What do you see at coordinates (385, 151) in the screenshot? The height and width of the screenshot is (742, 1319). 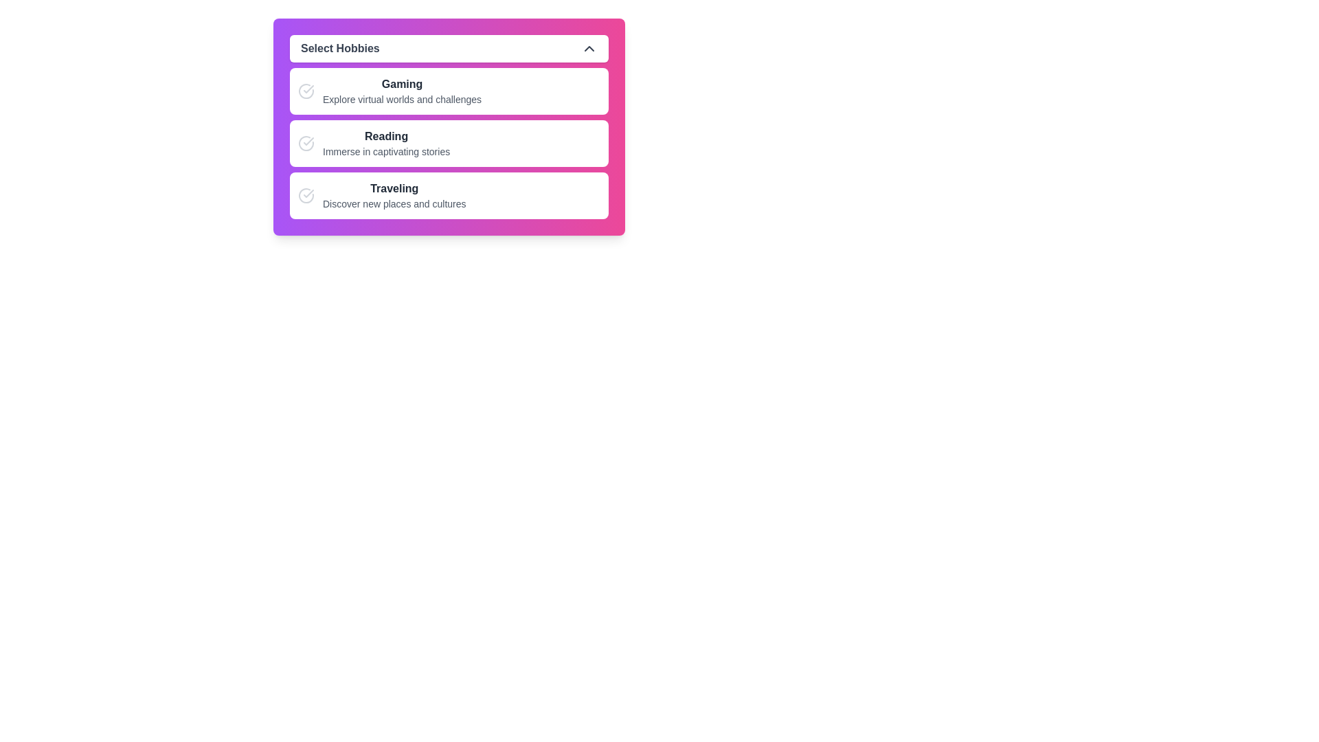 I see `the descriptive text element located below the 'Reading' option in the hobbies list, which provides additional information about this option` at bounding box center [385, 151].